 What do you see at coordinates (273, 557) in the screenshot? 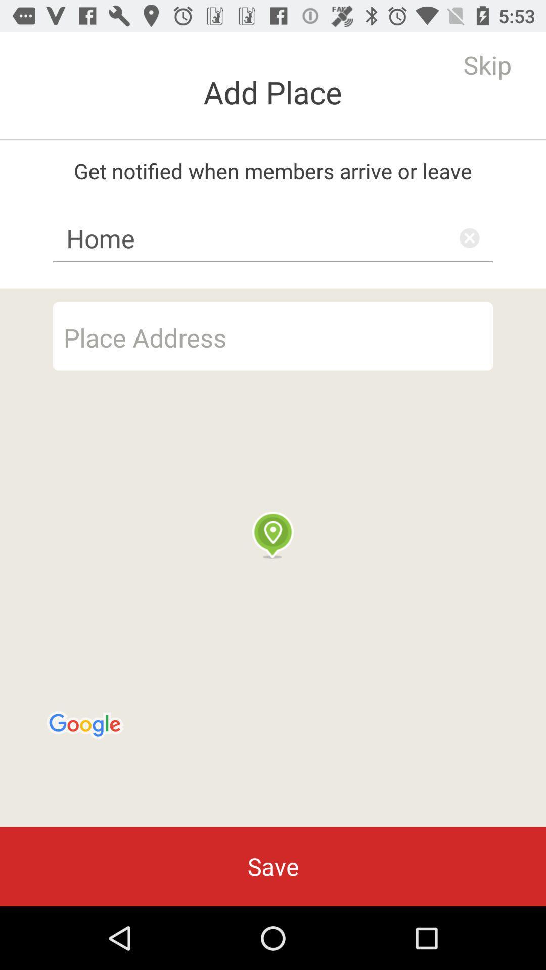
I see `the item above save icon` at bounding box center [273, 557].